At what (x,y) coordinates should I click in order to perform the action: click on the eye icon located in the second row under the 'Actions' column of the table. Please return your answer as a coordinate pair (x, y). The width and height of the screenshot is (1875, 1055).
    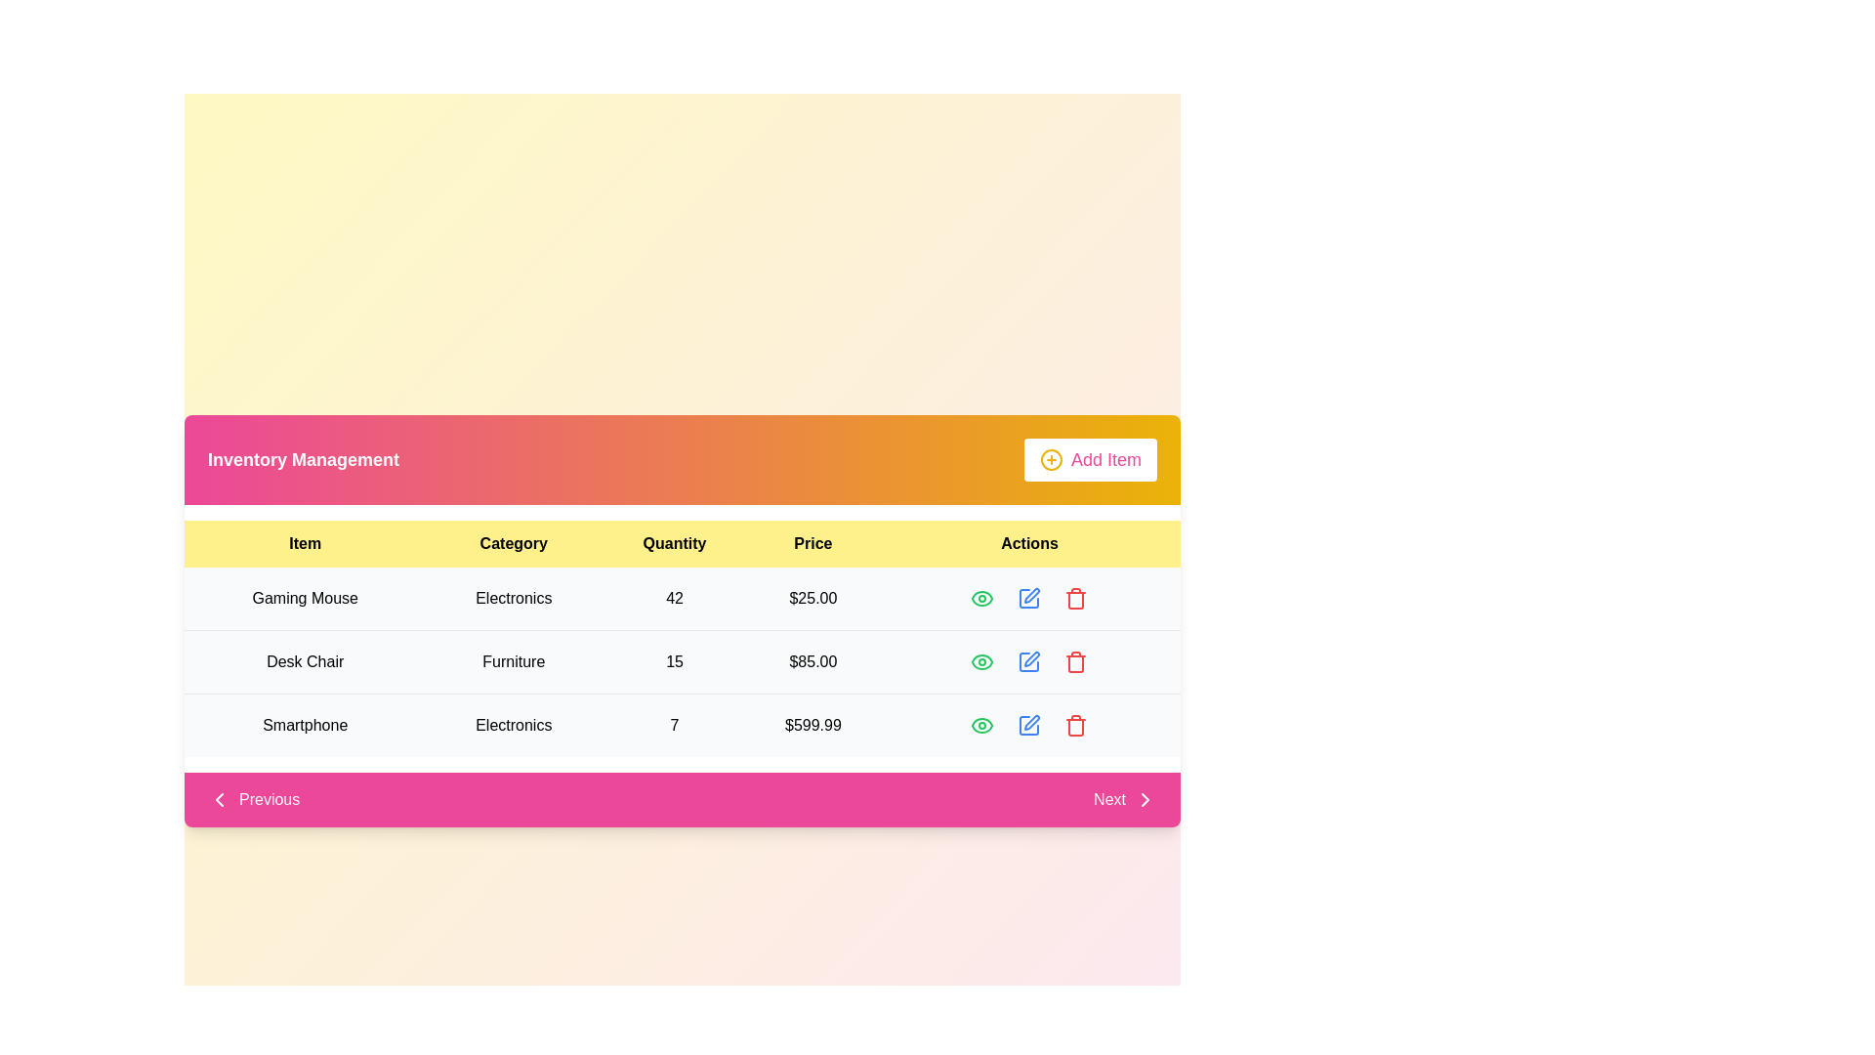
    Looking at the image, I should click on (982, 661).